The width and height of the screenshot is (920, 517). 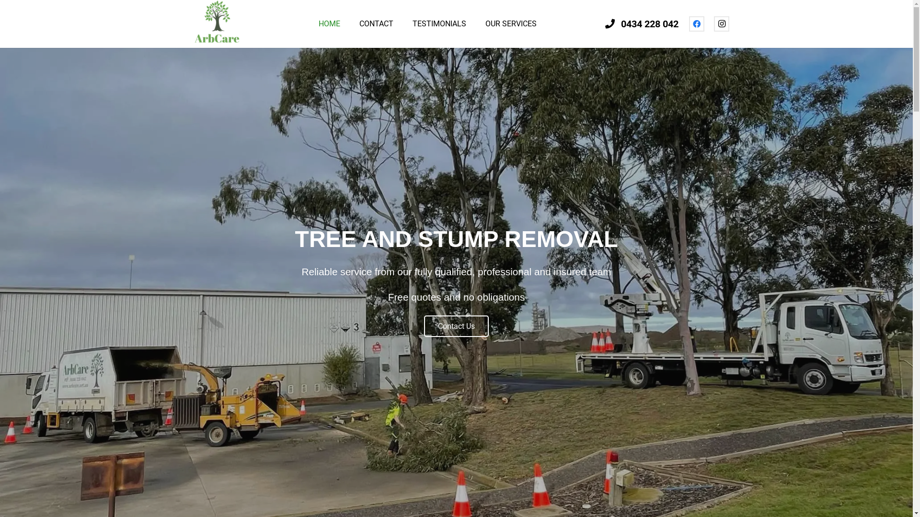 I want to click on 'OUR SERVICES', so click(x=510, y=23).